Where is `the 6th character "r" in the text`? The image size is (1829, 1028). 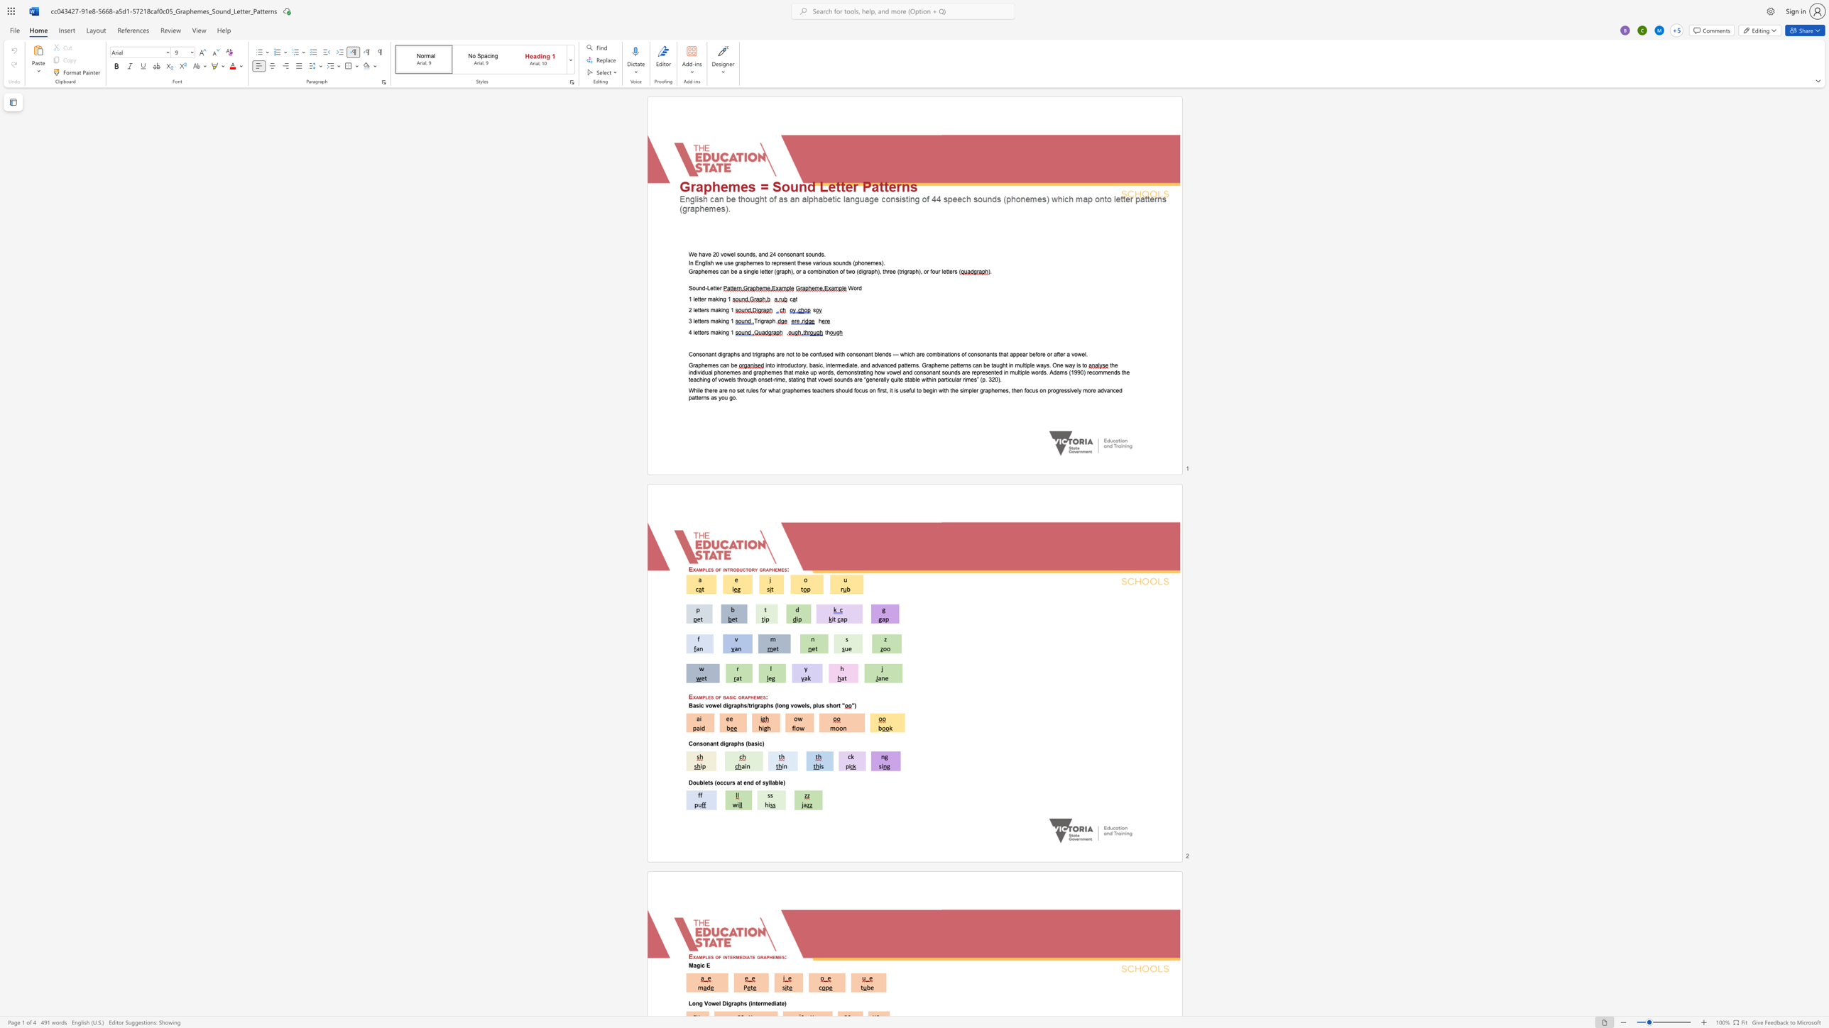 the 6th character "r" in the text is located at coordinates (1027, 353).